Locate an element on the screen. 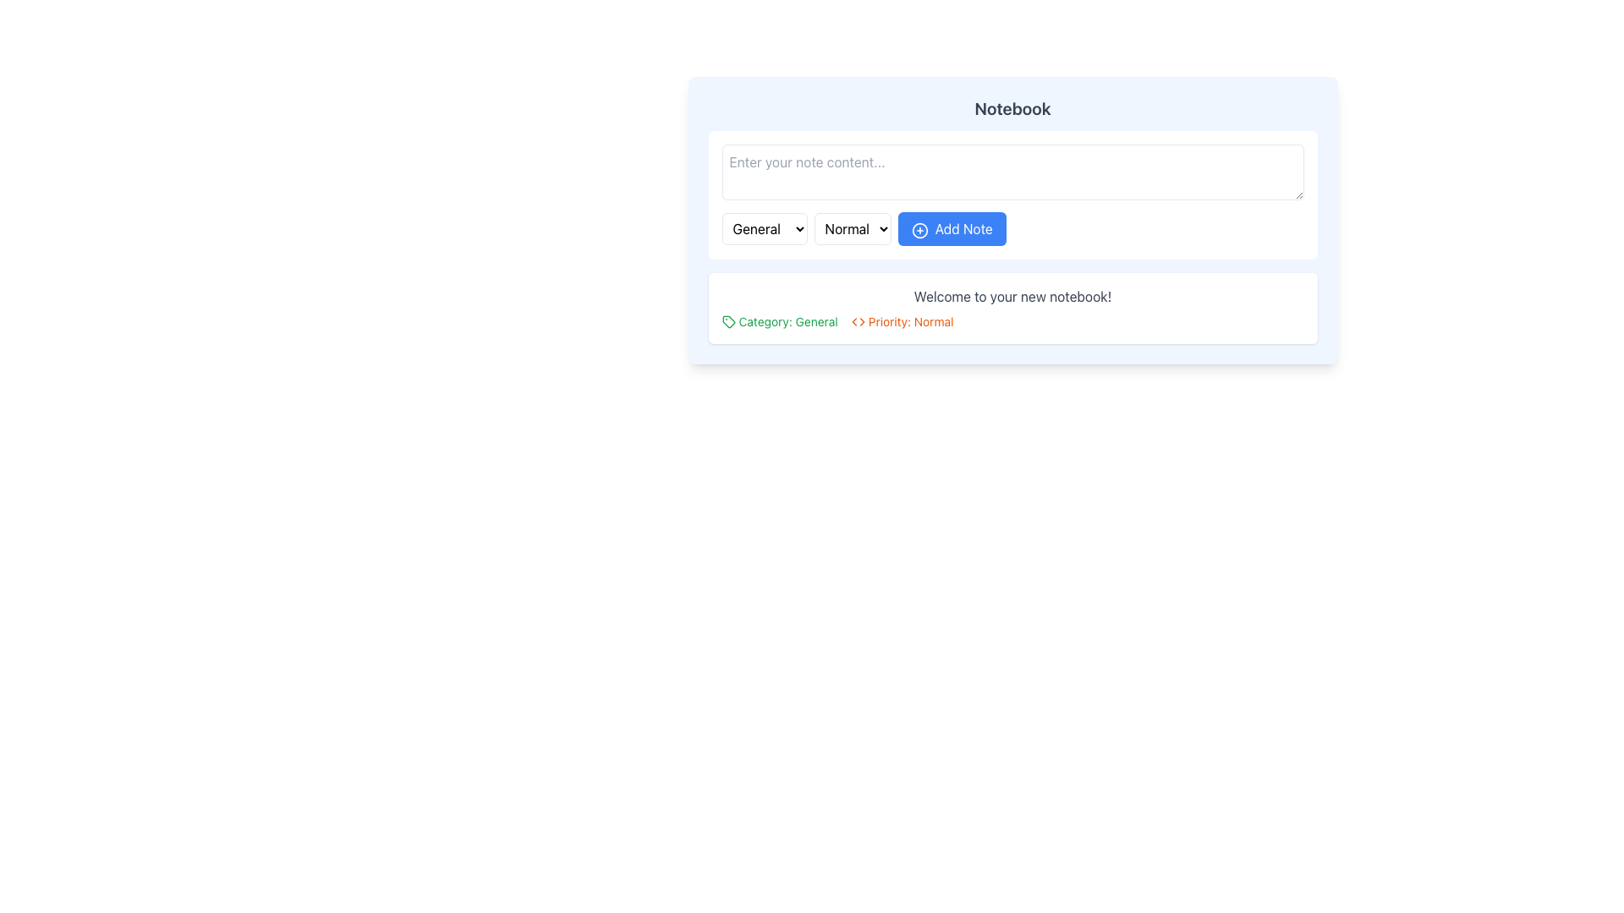  the 'General' dropdown menu located at the top left of the group of dropdowns is located at coordinates (763, 228).